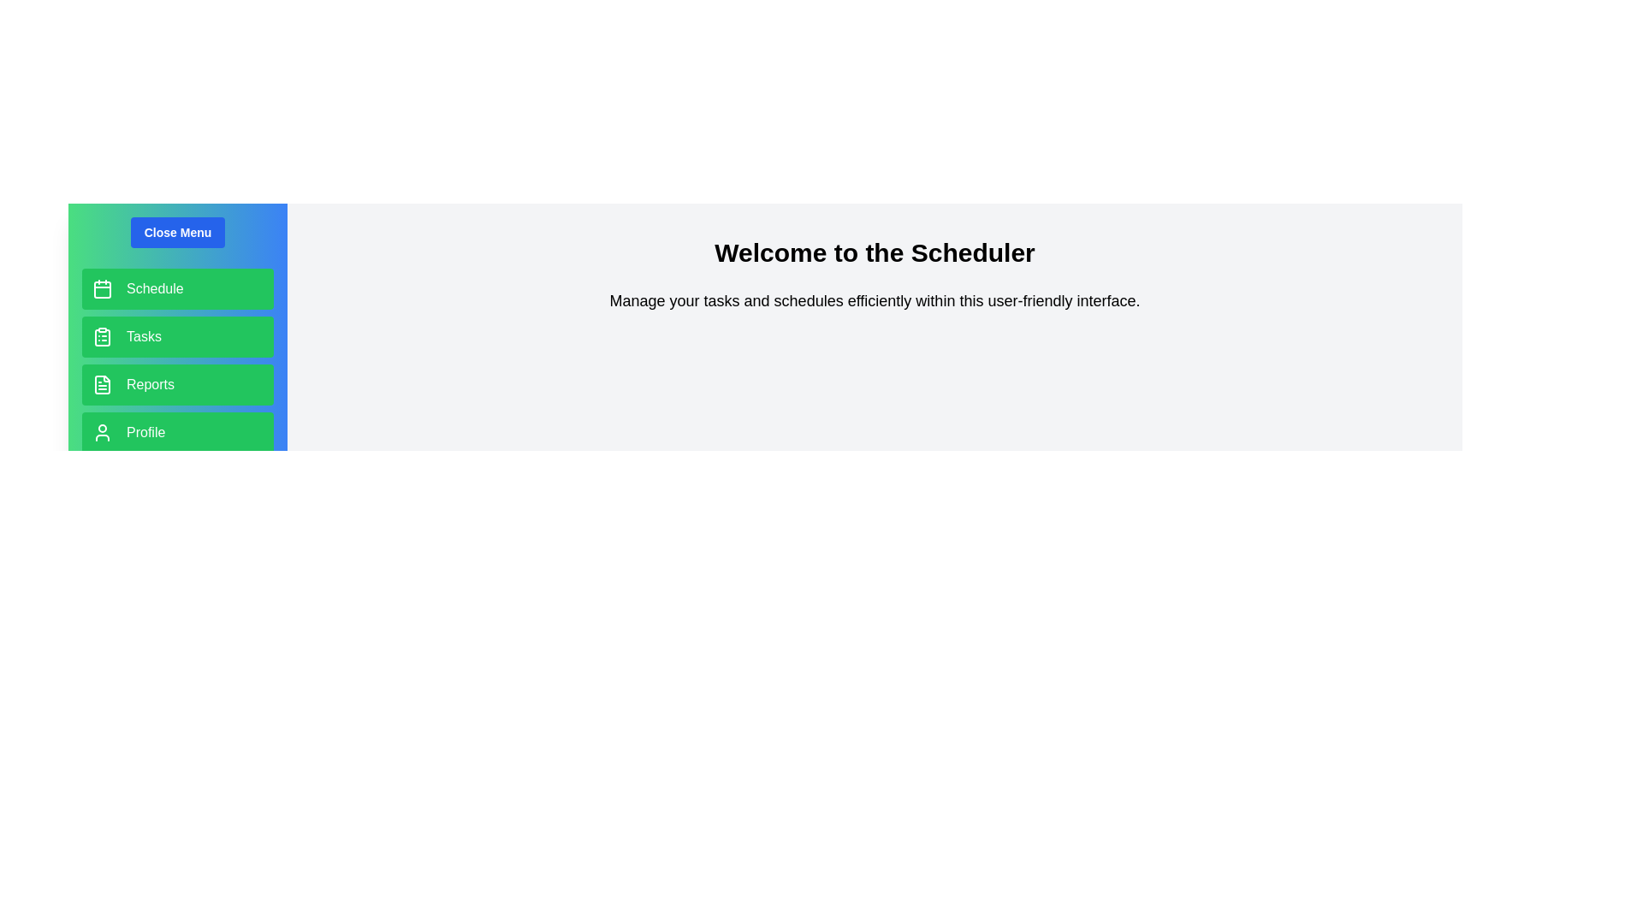 The width and height of the screenshot is (1643, 924). Describe the element at coordinates (177, 431) in the screenshot. I see `the menu item Profile to navigate to the corresponding section` at that location.